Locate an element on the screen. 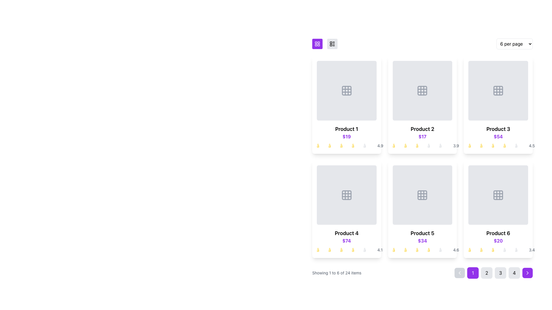 This screenshot has height=310, width=552. the text label displaying '$20', which is positioned directly below the title 'Product 6' and above the star rating visuals is located at coordinates (498, 241).